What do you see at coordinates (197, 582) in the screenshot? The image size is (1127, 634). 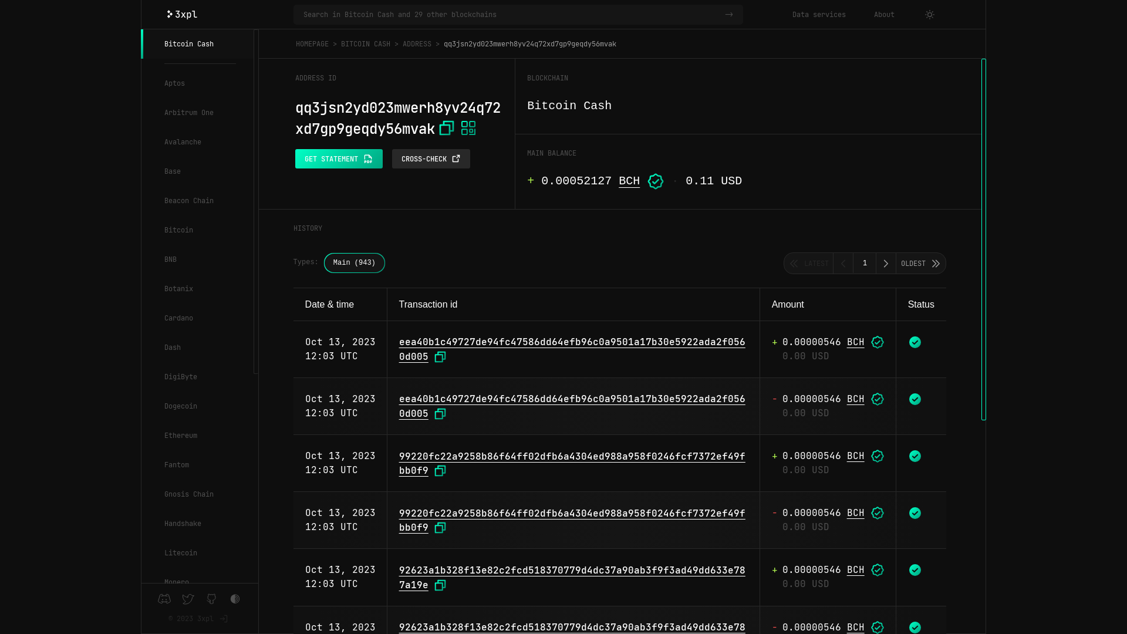 I see `'Monero'` at bounding box center [197, 582].